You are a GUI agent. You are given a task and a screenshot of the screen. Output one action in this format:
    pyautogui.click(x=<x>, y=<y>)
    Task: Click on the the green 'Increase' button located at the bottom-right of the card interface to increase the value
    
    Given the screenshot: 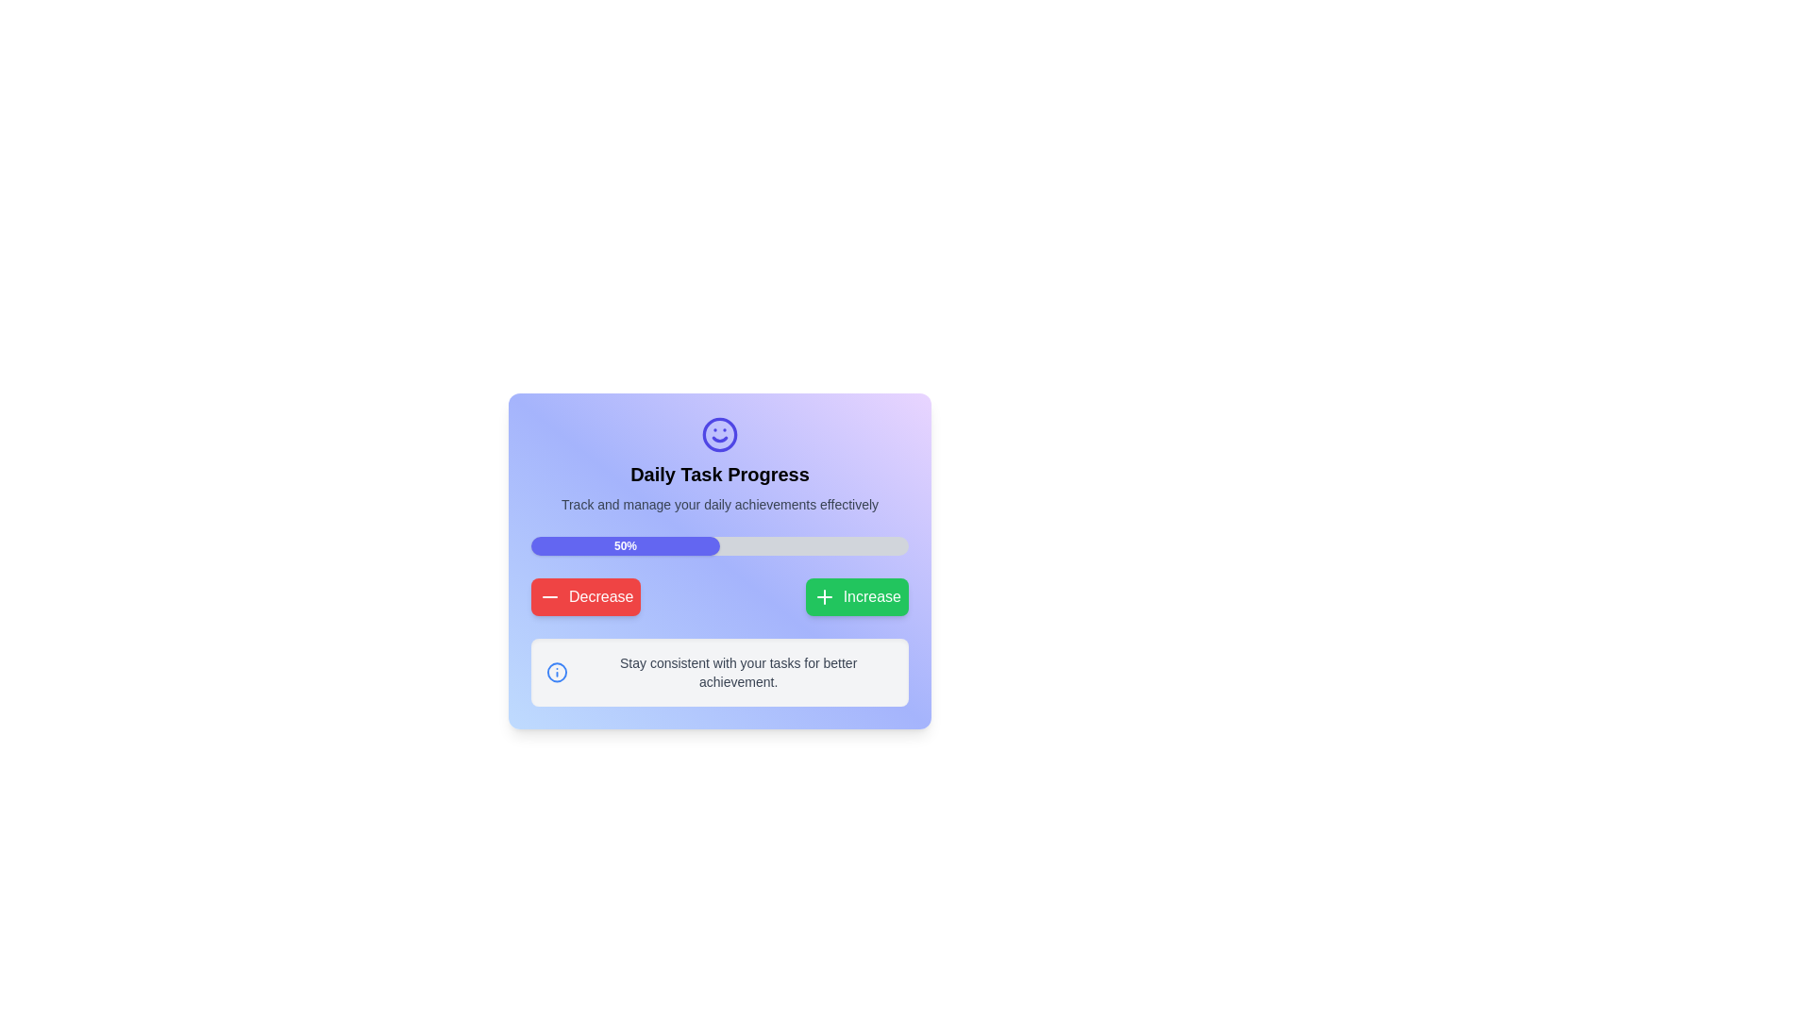 What is the action you would take?
    pyautogui.click(x=856, y=596)
    